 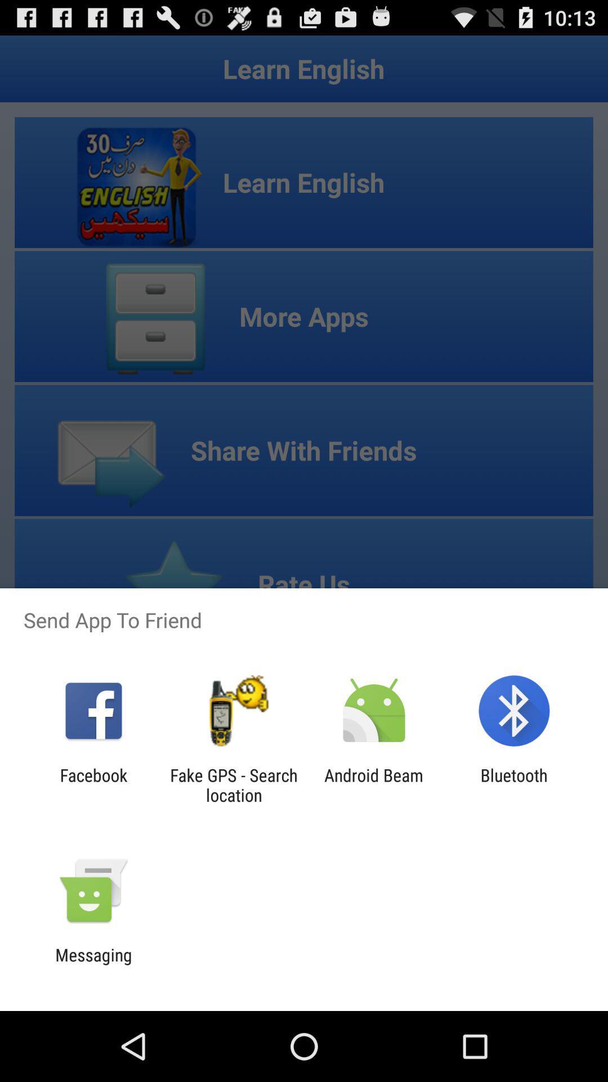 I want to click on icon to the left of the android beam app, so click(x=233, y=784).